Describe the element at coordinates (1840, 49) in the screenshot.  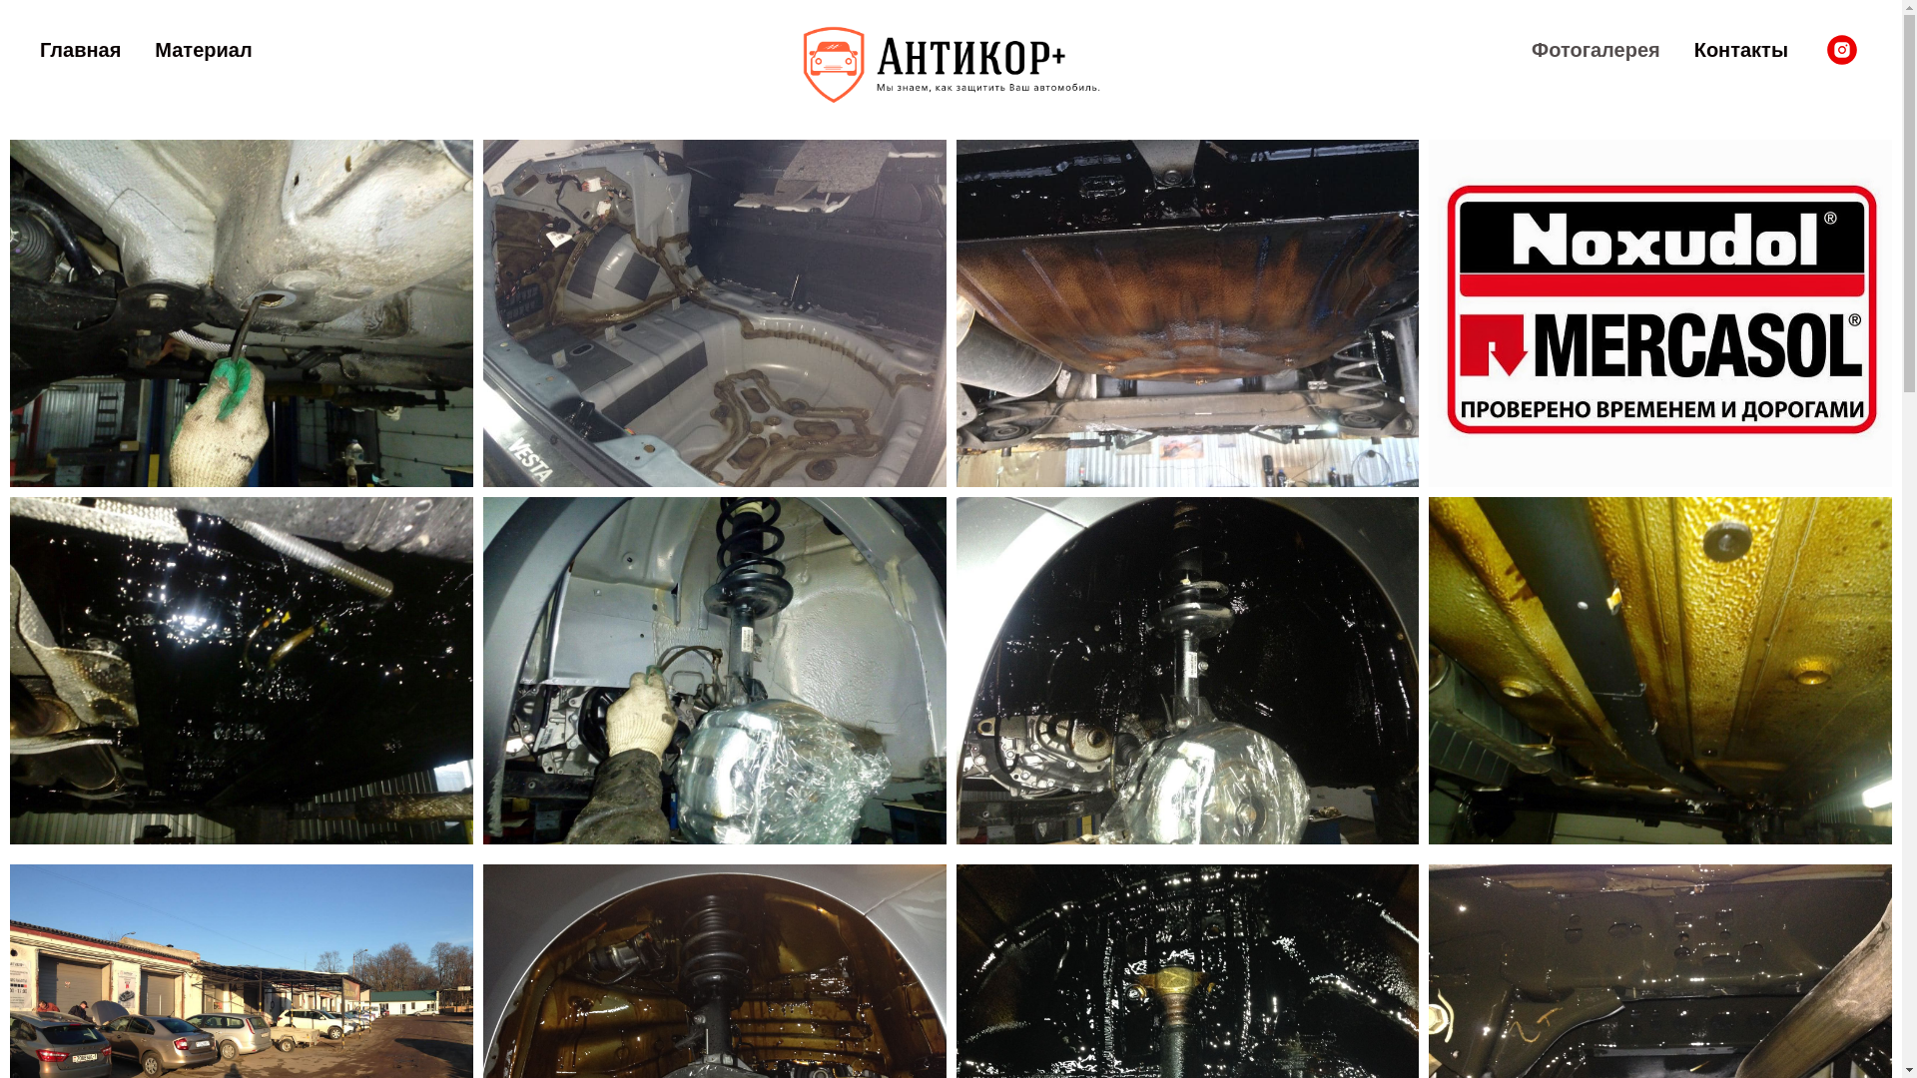
I see `'Instagram'` at that location.